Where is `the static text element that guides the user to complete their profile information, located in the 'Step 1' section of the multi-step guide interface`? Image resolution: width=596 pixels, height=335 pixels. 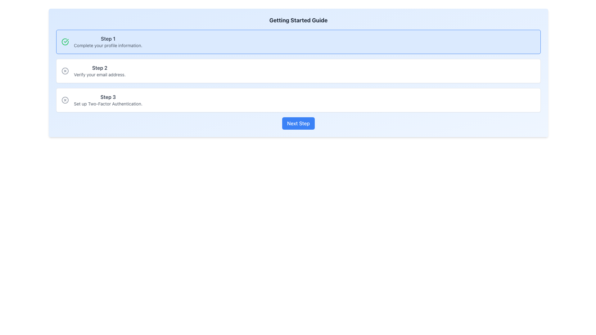 the static text element that guides the user to complete their profile information, located in the 'Step 1' section of the multi-step guide interface is located at coordinates (108, 45).